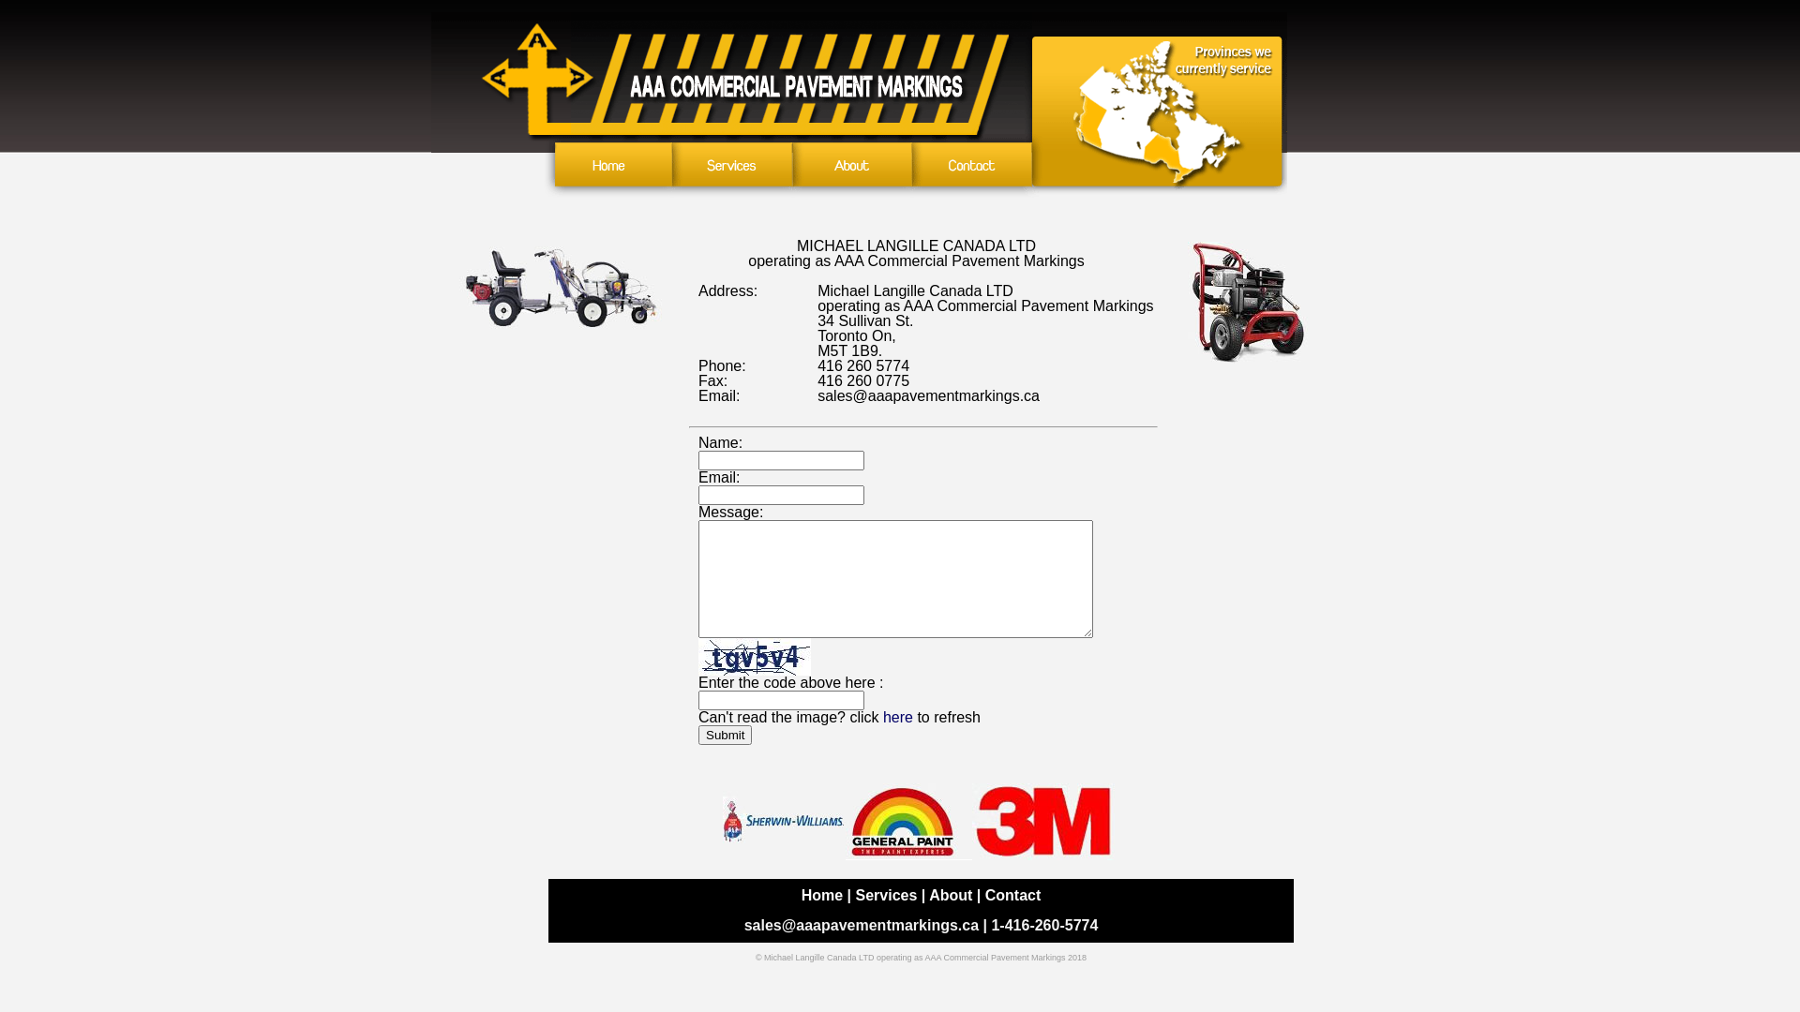 This screenshot has width=1800, height=1012. What do you see at coordinates (724, 734) in the screenshot?
I see `'Submit'` at bounding box center [724, 734].